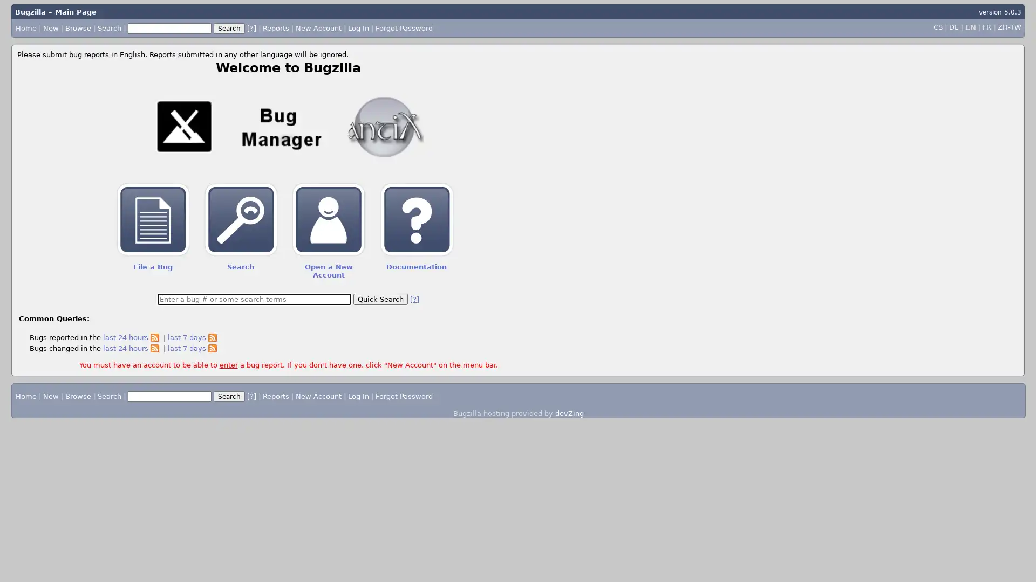 The height and width of the screenshot is (582, 1036). Describe the element at coordinates (229, 396) in the screenshot. I see `Search` at that location.